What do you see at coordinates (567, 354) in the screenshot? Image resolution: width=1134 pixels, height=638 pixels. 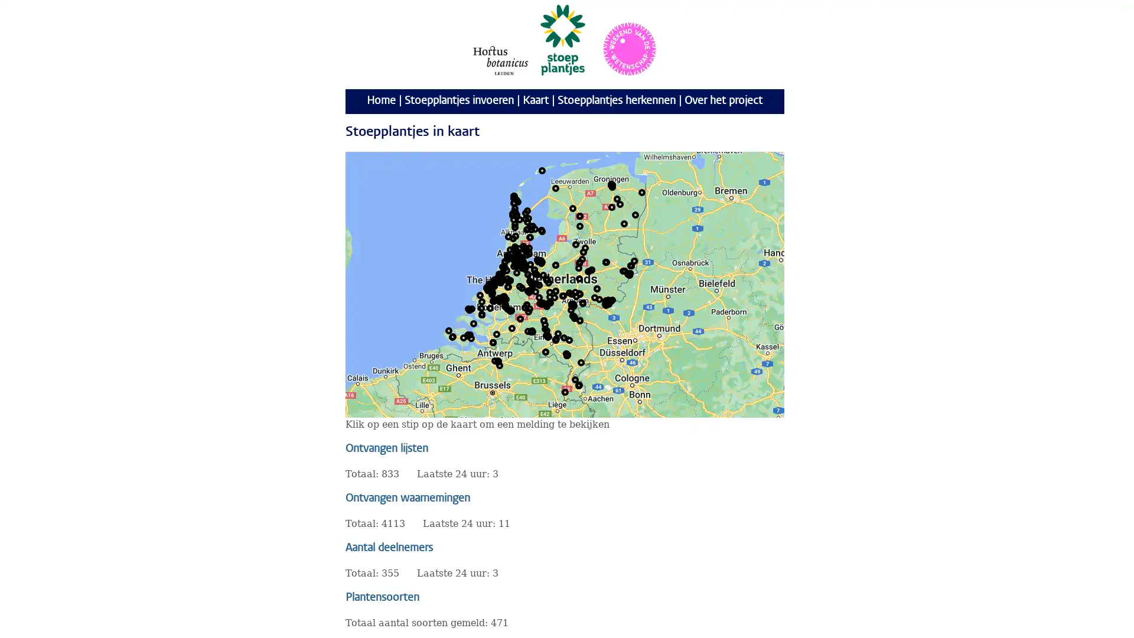 I see `Telling van Ton Frenken op 02 mei 2022` at bounding box center [567, 354].